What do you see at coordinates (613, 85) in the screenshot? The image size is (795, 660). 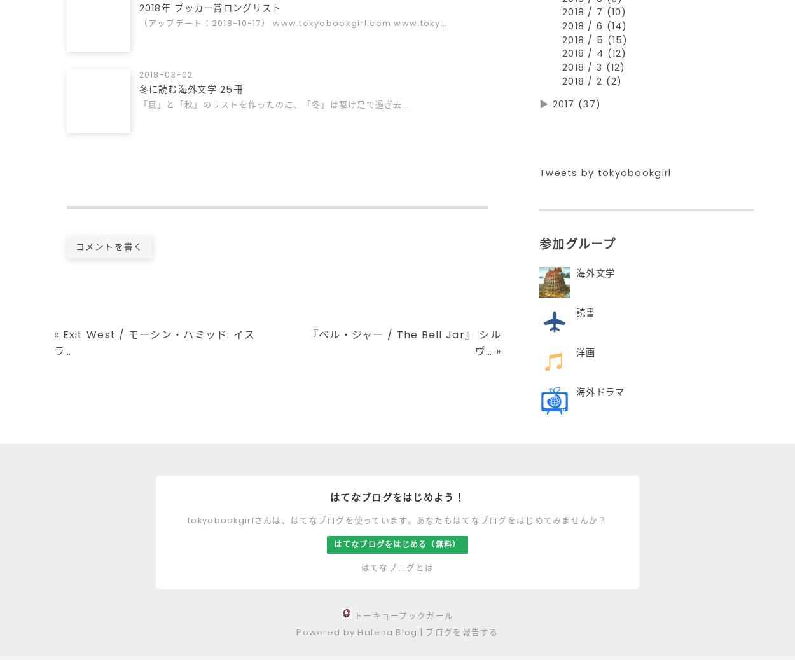 I see `'(2)'` at bounding box center [613, 85].